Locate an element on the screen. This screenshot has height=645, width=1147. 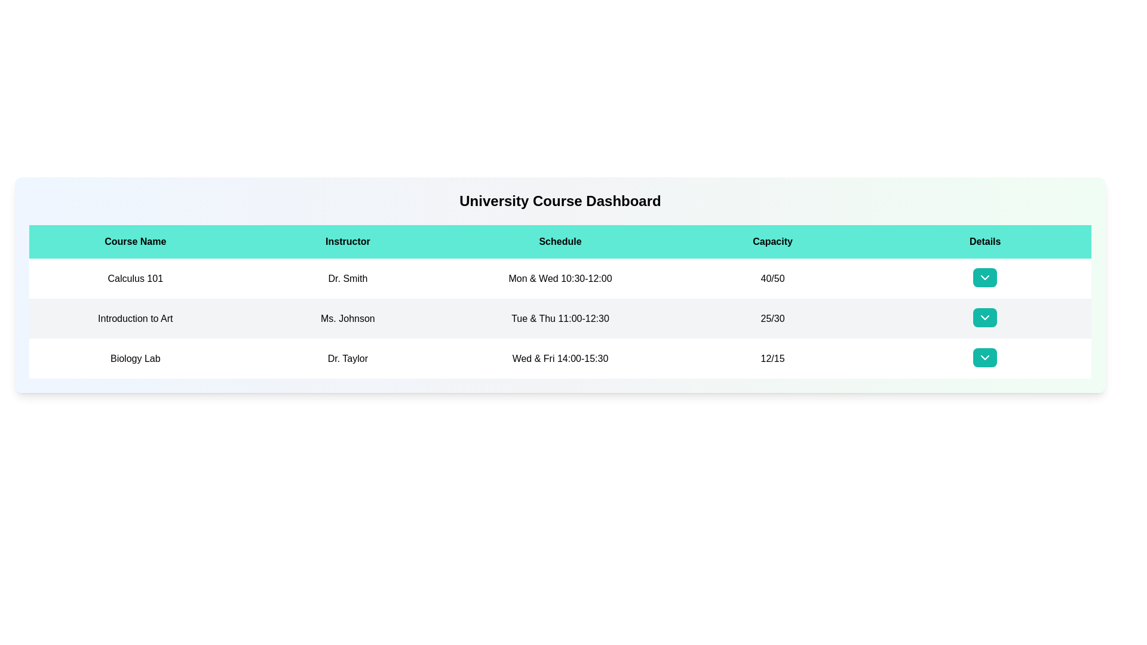
the 'Introduction to Art' text element, which displays the title of the course and is located in the second row of the table under the 'Course Name' column is located at coordinates (135, 318).